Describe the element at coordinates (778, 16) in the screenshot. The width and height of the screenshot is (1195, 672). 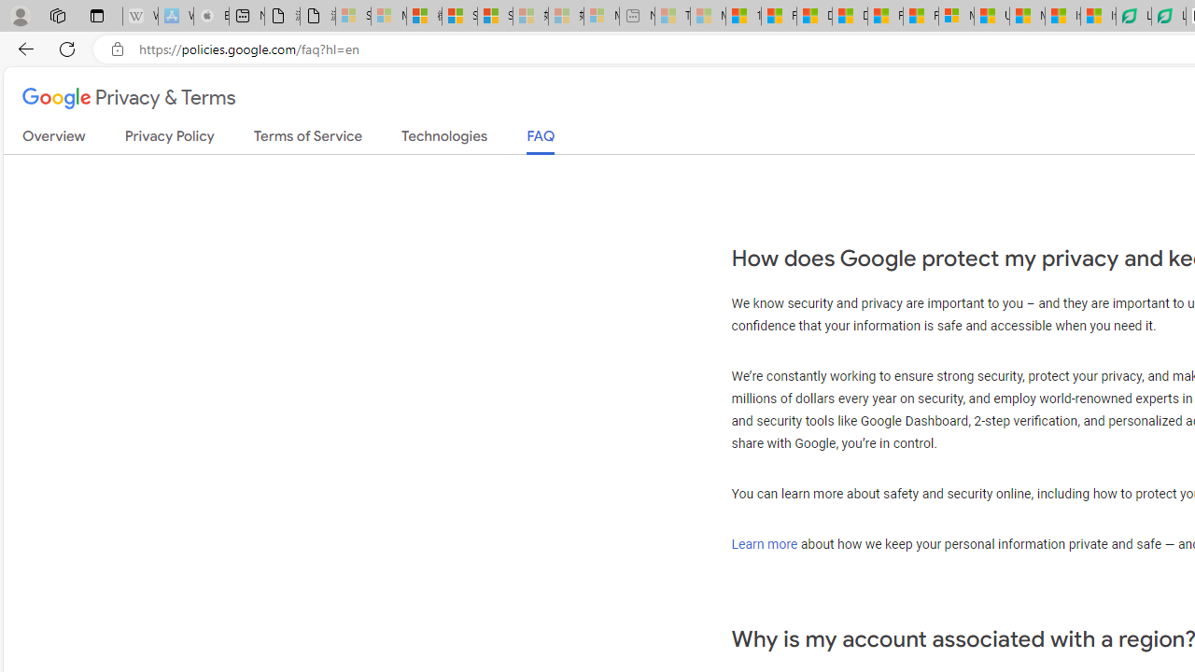
I see `'Food and Drink - MSN'` at that location.